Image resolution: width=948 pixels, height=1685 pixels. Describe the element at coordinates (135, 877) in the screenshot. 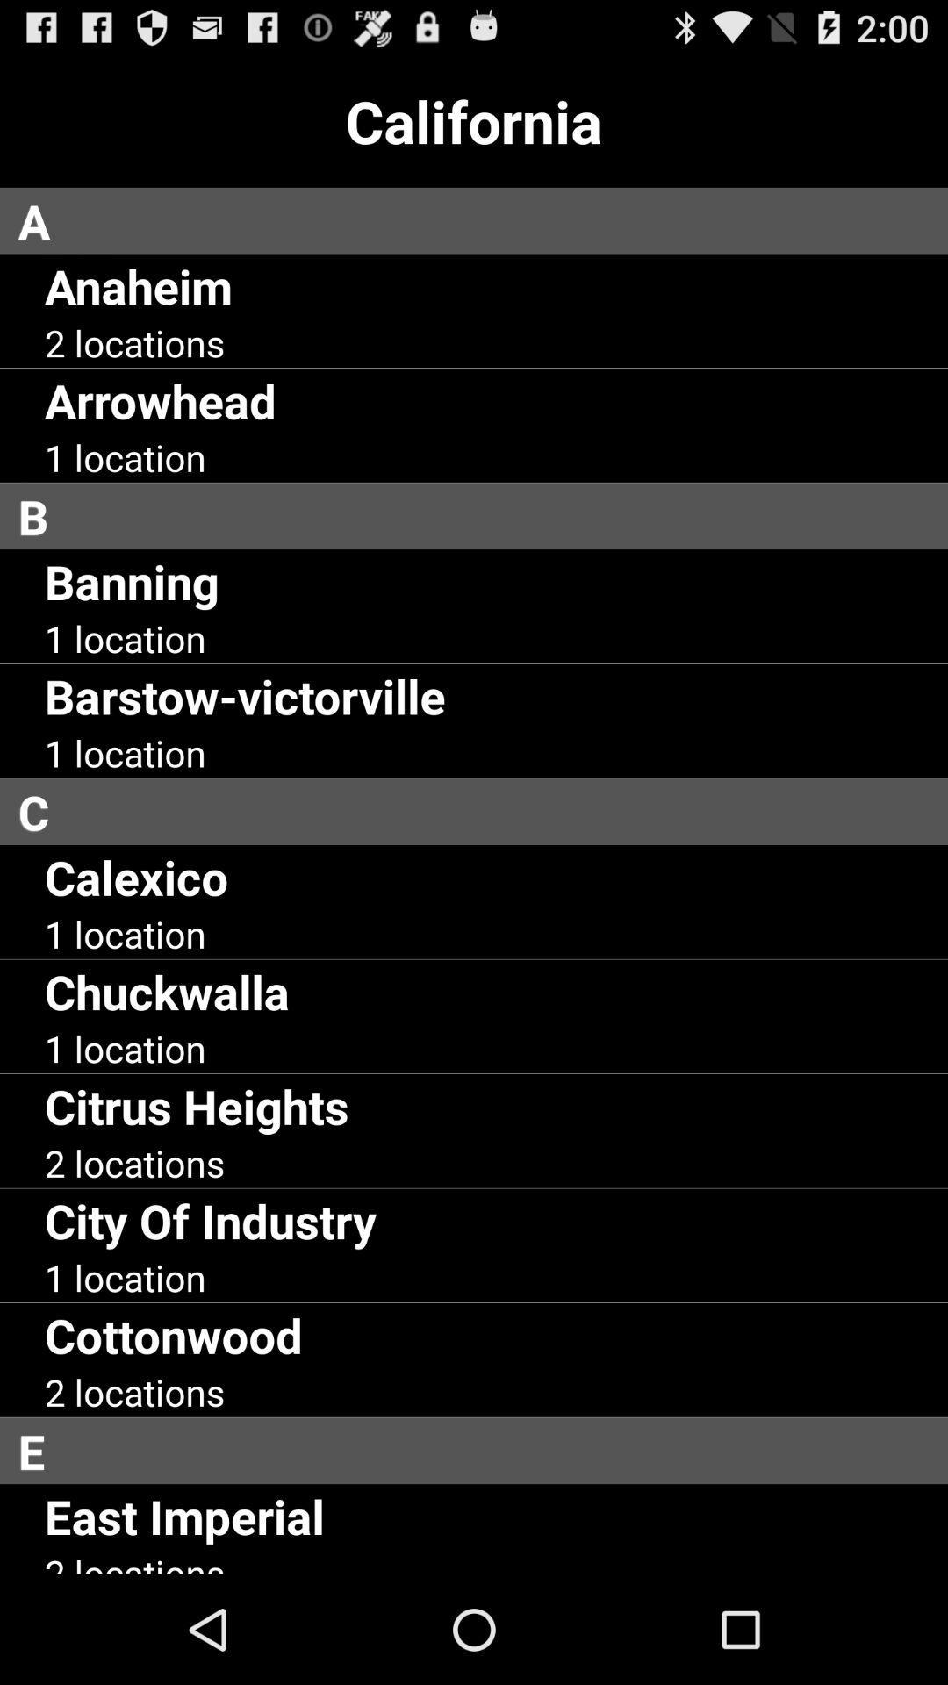

I see `calexico item` at that location.